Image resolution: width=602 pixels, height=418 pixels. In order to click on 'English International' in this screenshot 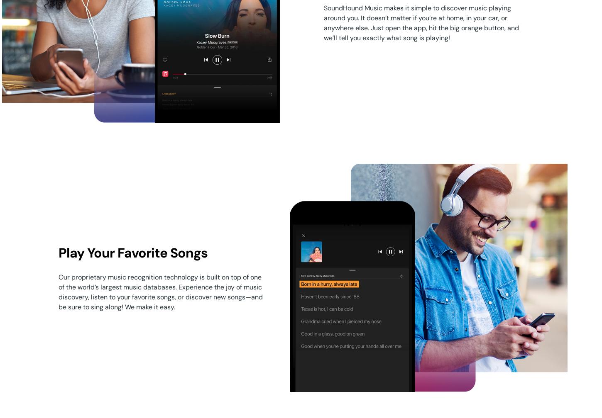, I will do `click(100, 343)`.